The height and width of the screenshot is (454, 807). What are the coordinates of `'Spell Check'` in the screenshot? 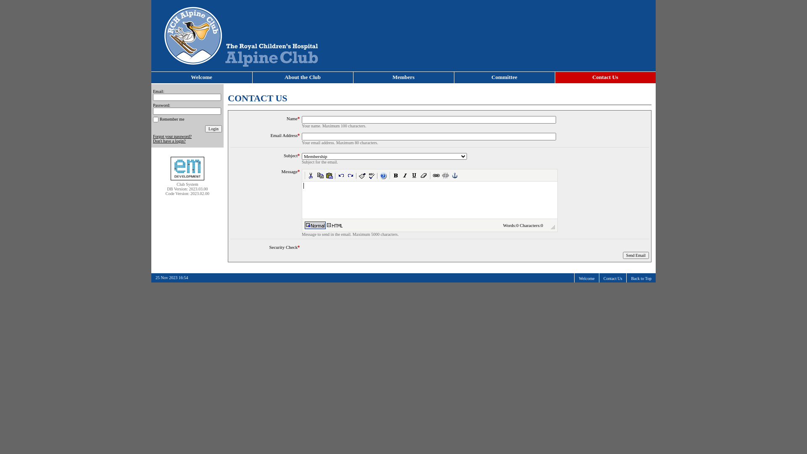 It's located at (371, 175).